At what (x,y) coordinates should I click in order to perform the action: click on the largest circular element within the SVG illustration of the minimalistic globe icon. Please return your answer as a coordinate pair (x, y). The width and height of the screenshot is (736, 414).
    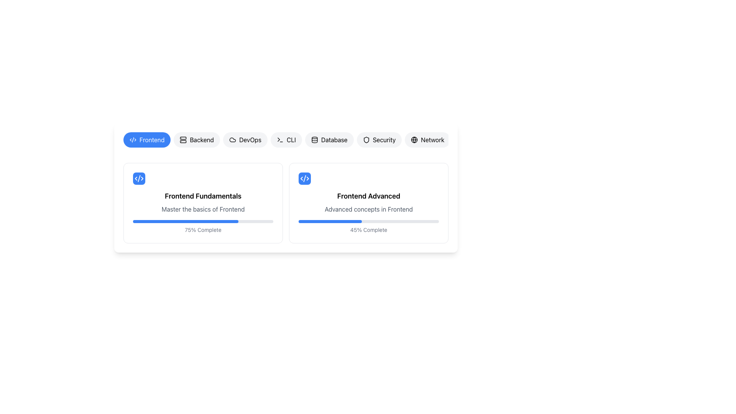
    Looking at the image, I should click on (414, 140).